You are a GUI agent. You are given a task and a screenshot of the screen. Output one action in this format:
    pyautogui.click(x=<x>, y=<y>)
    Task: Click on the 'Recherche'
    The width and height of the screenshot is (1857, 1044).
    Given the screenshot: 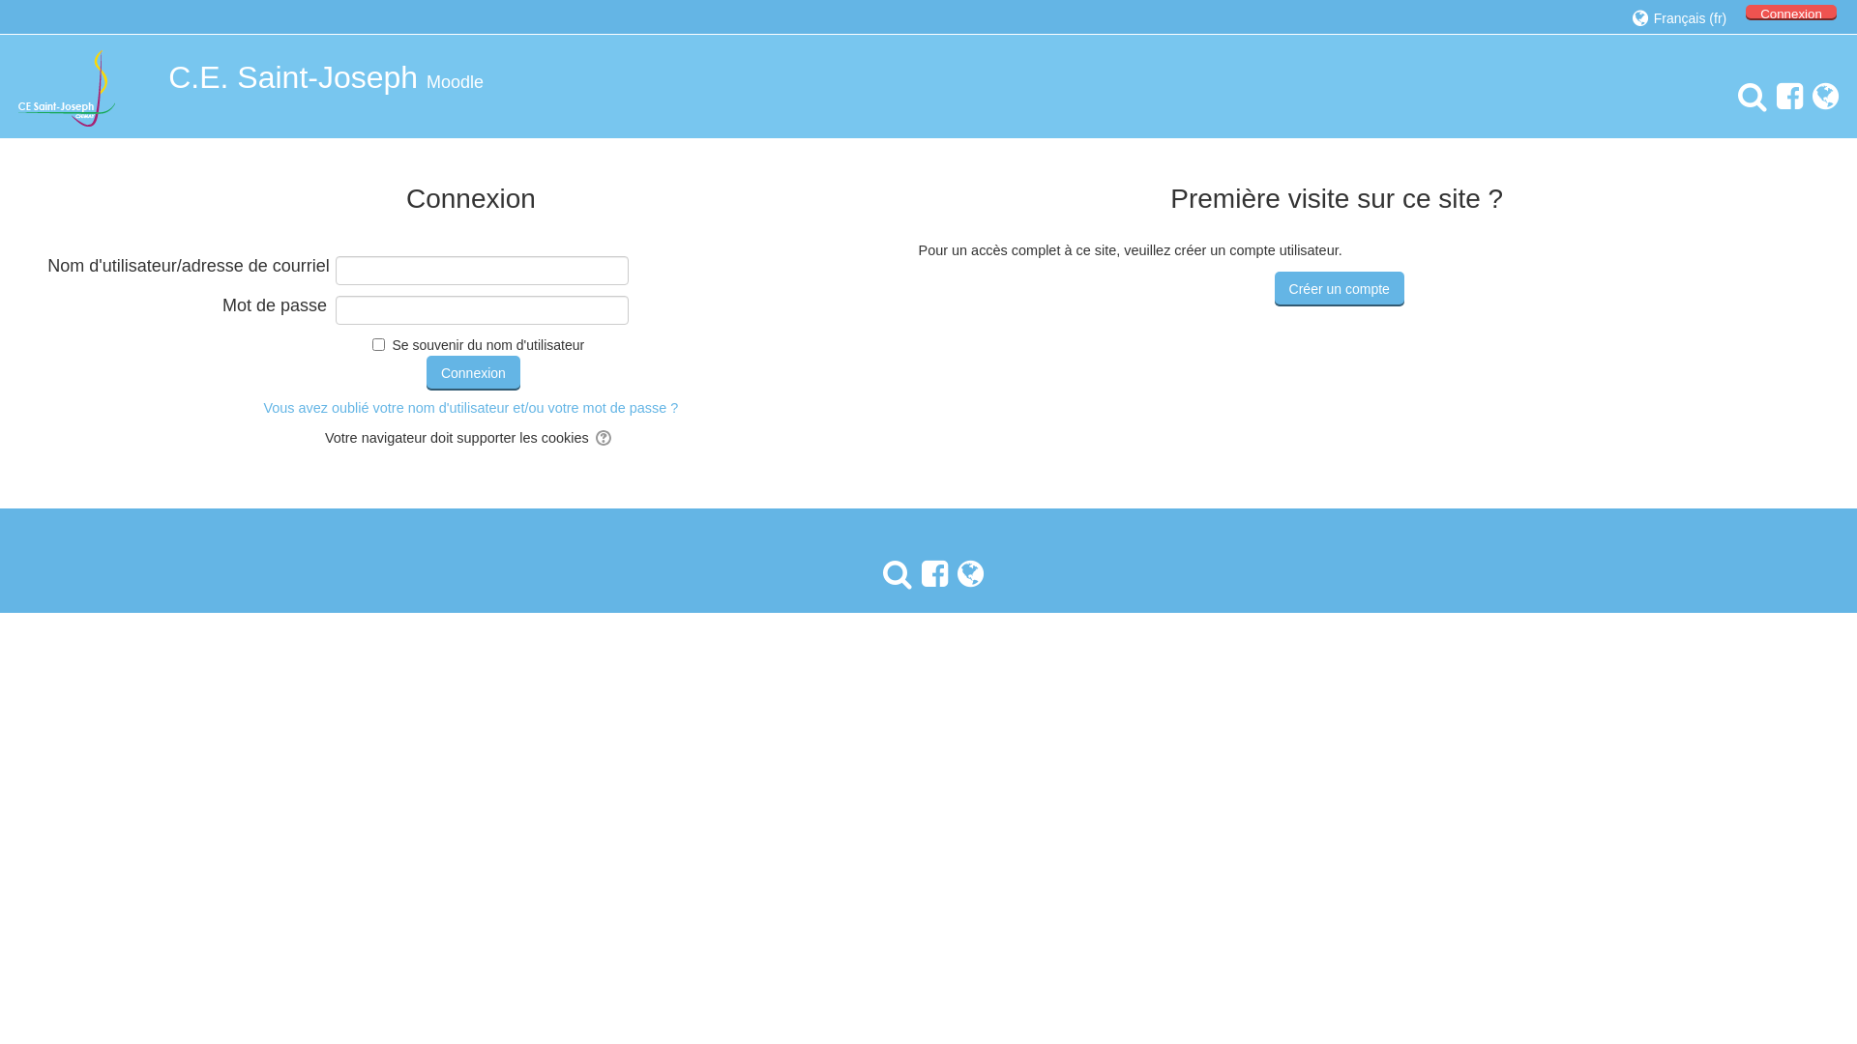 What is the action you would take?
    pyautogui.click(x=1747, y=97)
    